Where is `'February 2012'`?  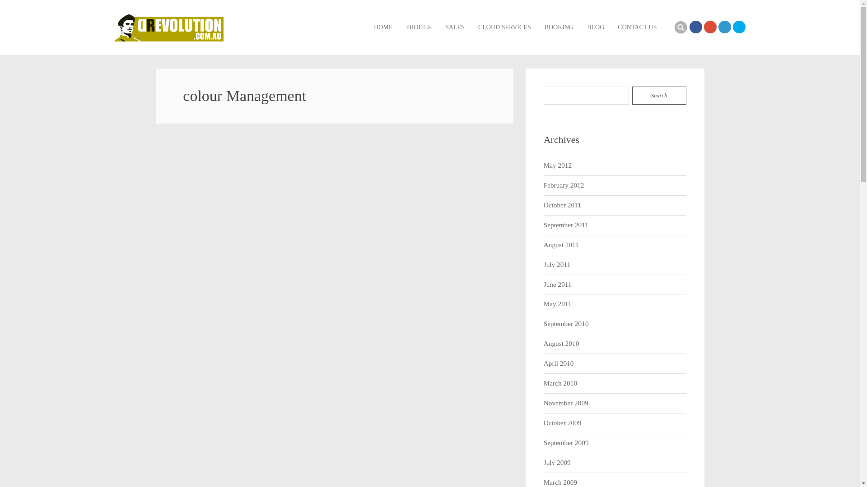 'February 2012' is located at coordinates (563, 185).